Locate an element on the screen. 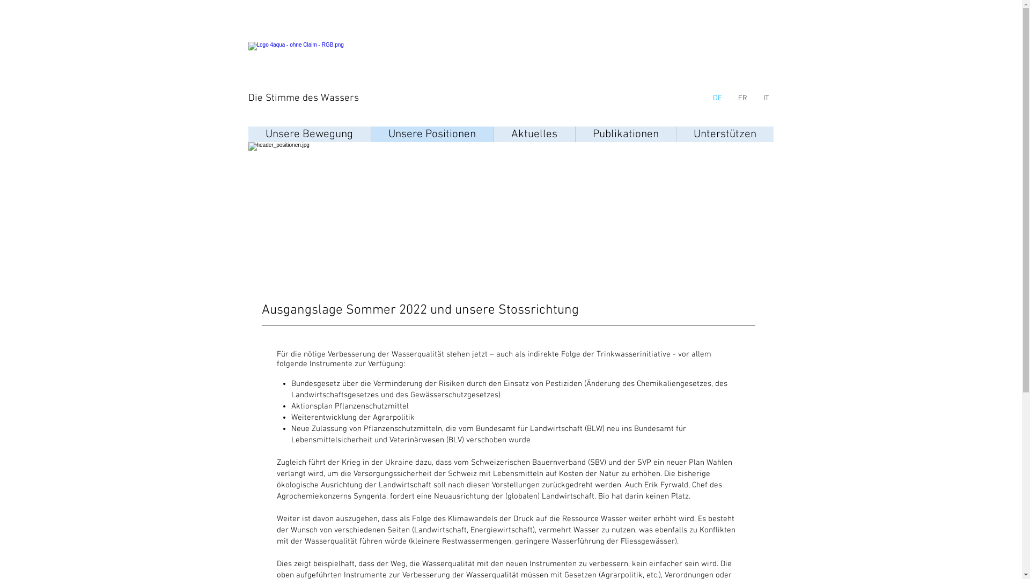  'logo.png' is located at coordinates (297, 66).